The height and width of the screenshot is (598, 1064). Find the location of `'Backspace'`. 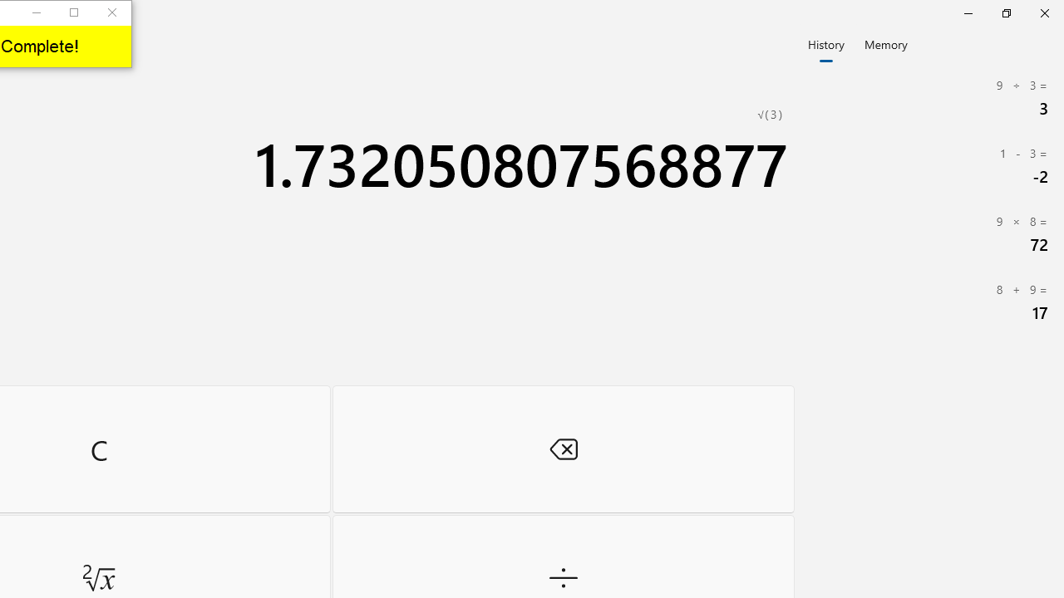

'Backspace' is located at coordinates (563, 448).